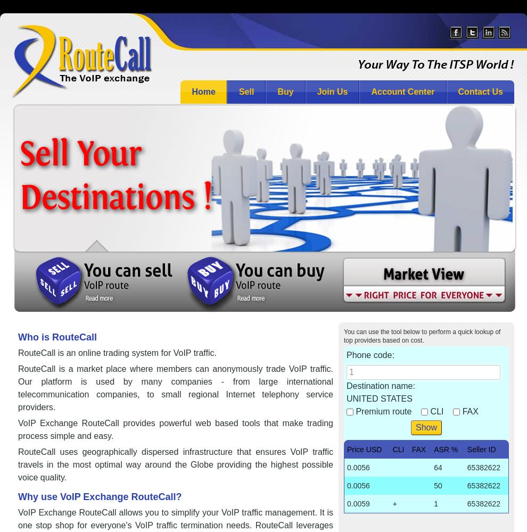  Describe the element at coordinates (358, 503) in the screenshot. I see `'0.0059'` at that location.